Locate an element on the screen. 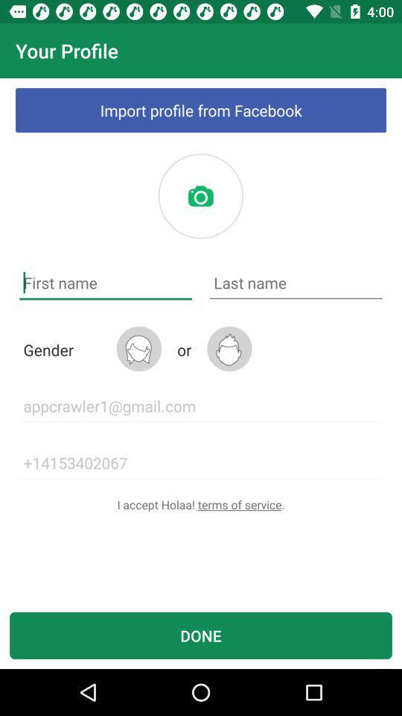 The height and width of the screenshot is (716, 402). the i accept holaa is located at coordinates (201, 504).